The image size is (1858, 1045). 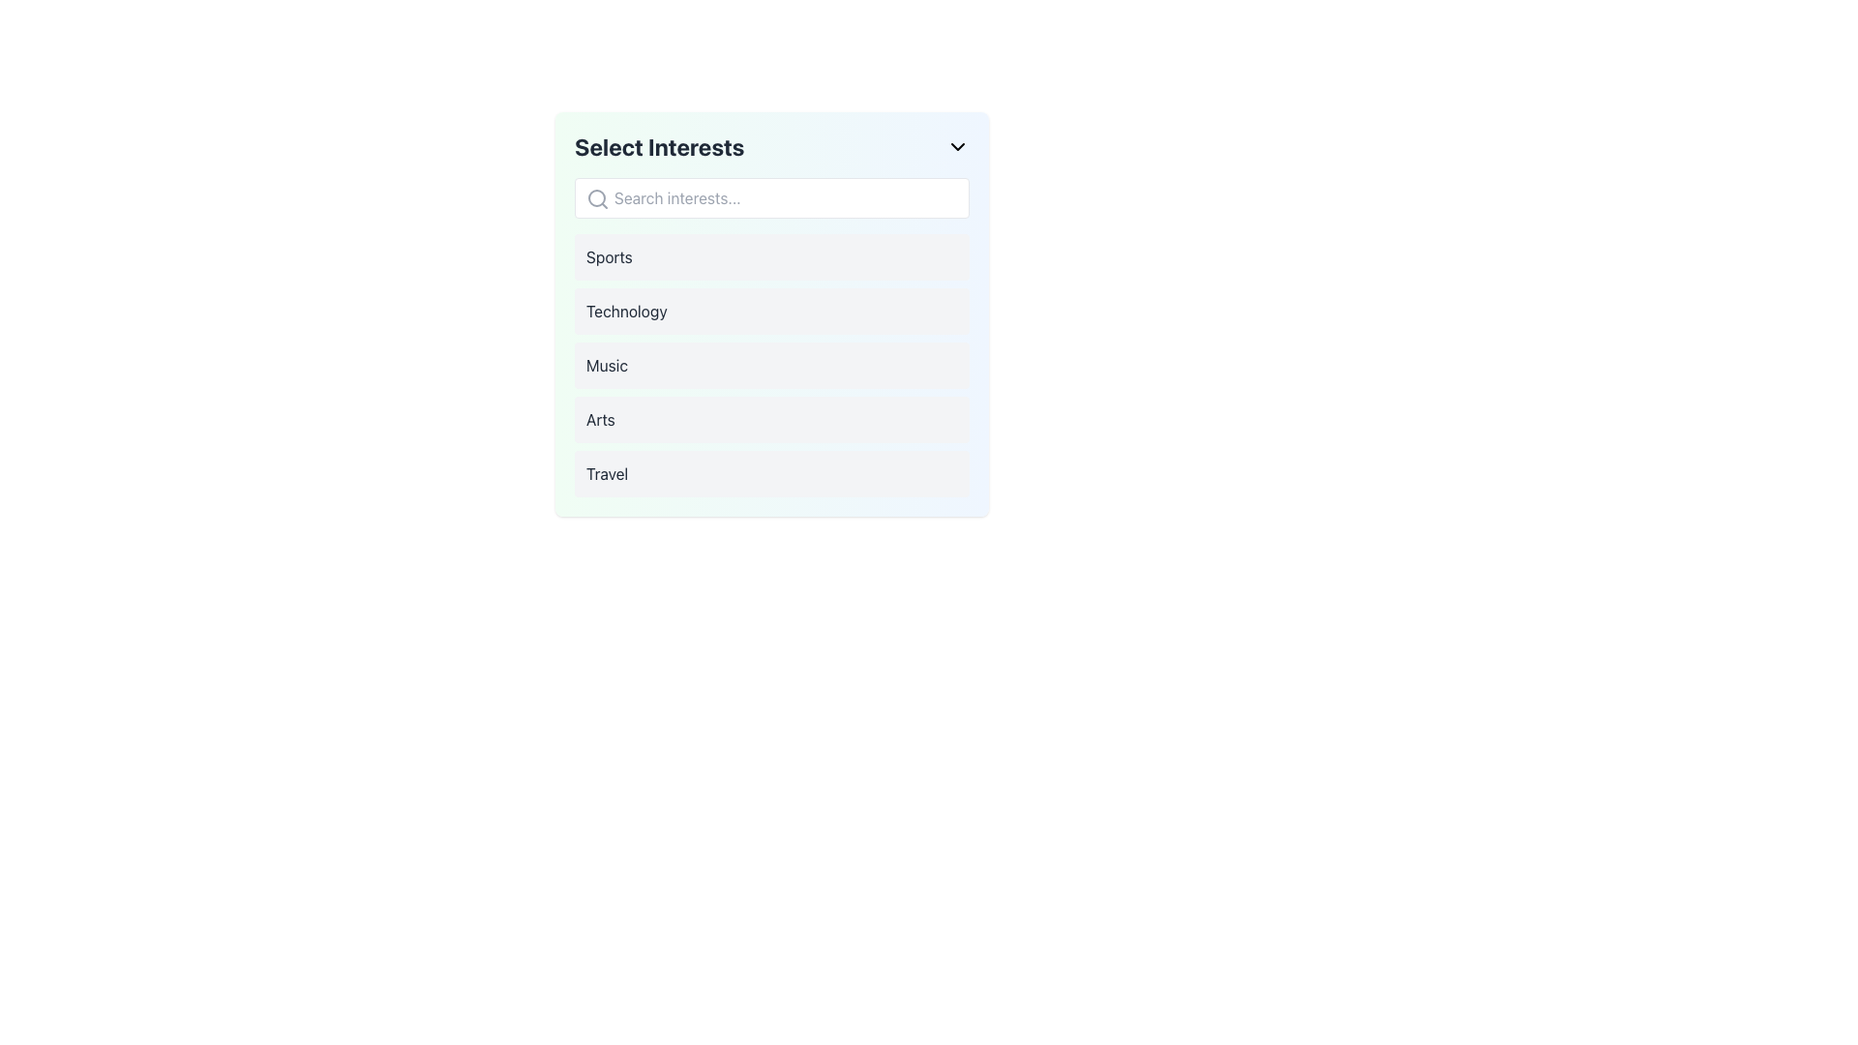 What do you see at coordinates (957, 145) in the screenshot?
I see `the downward-pointing chevron icon located at the far right of the 'Select Interests' header` at bounding box center [957, 145].